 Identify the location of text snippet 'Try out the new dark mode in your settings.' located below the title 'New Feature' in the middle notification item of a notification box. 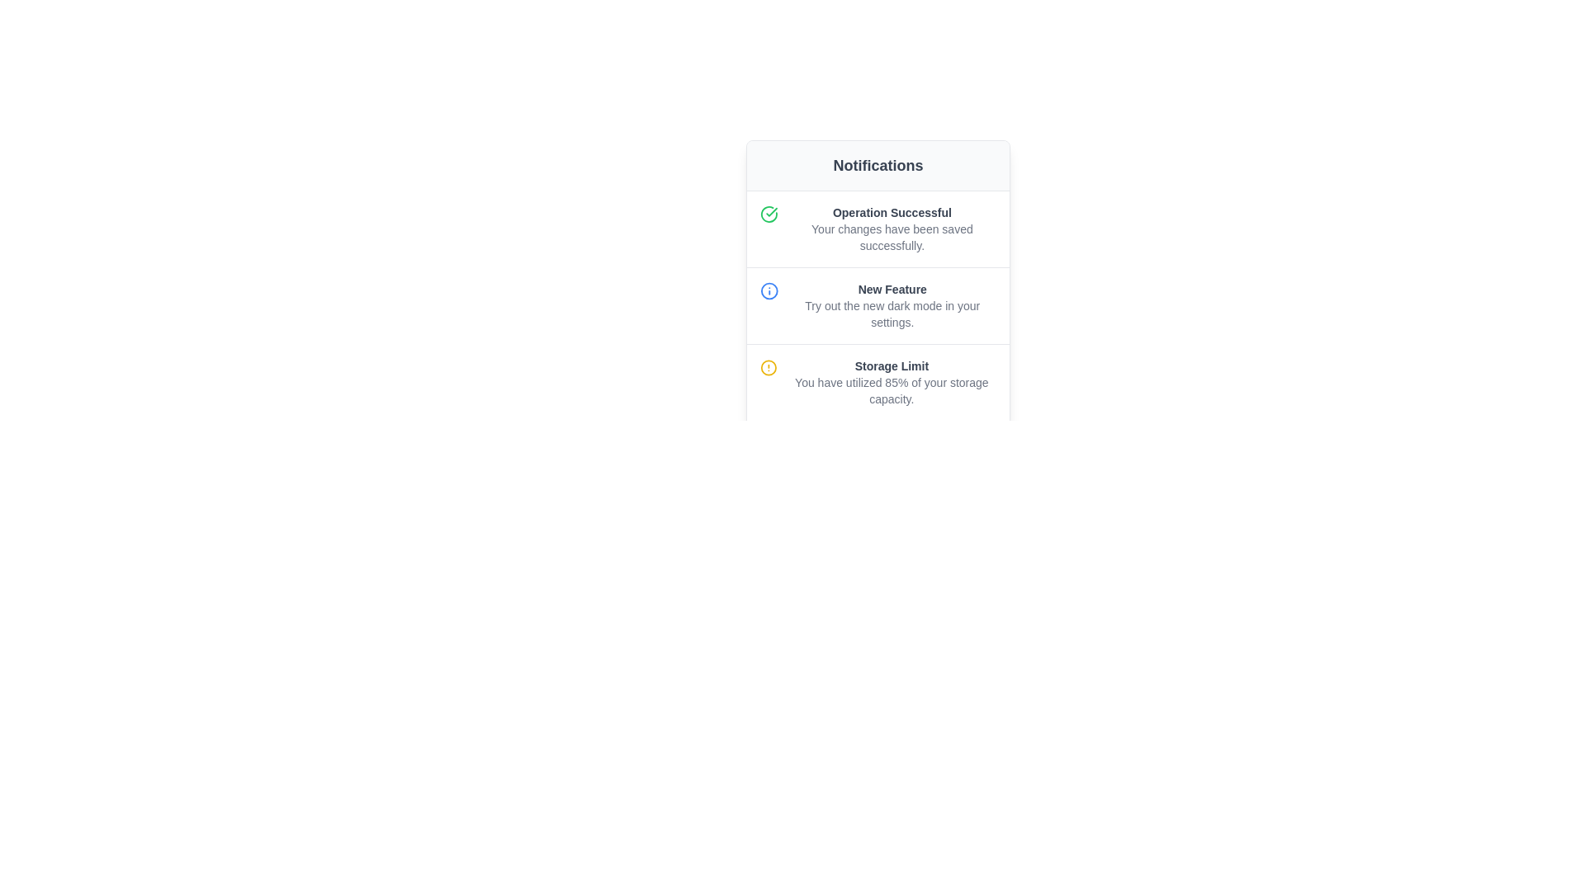
(892, 314).